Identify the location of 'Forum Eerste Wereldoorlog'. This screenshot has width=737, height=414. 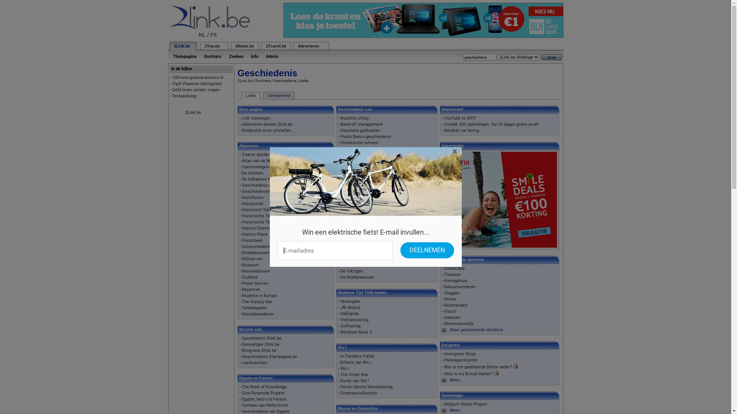
(366, 387).